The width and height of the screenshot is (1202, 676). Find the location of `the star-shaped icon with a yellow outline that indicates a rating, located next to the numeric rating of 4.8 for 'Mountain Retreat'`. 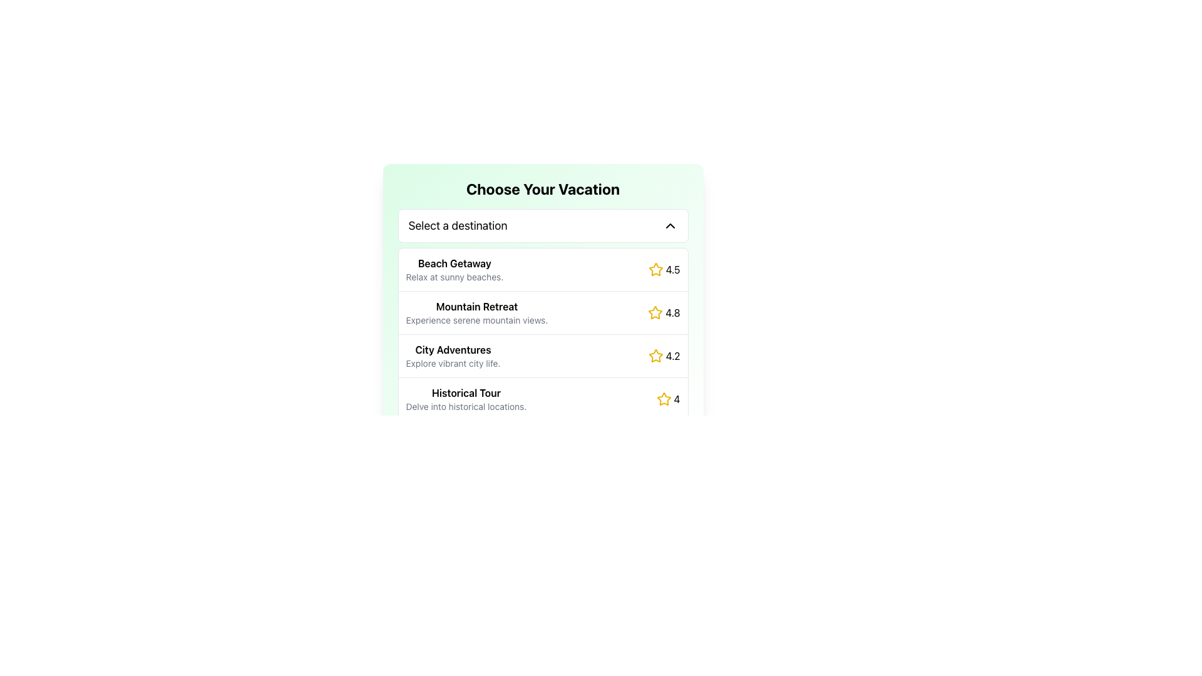

the star-shaped icon with a yellow outline that indicates a rating, located next to the numeric rating of 4.8 for 'Mountain Retreat' is located at coordinates (655, 312).